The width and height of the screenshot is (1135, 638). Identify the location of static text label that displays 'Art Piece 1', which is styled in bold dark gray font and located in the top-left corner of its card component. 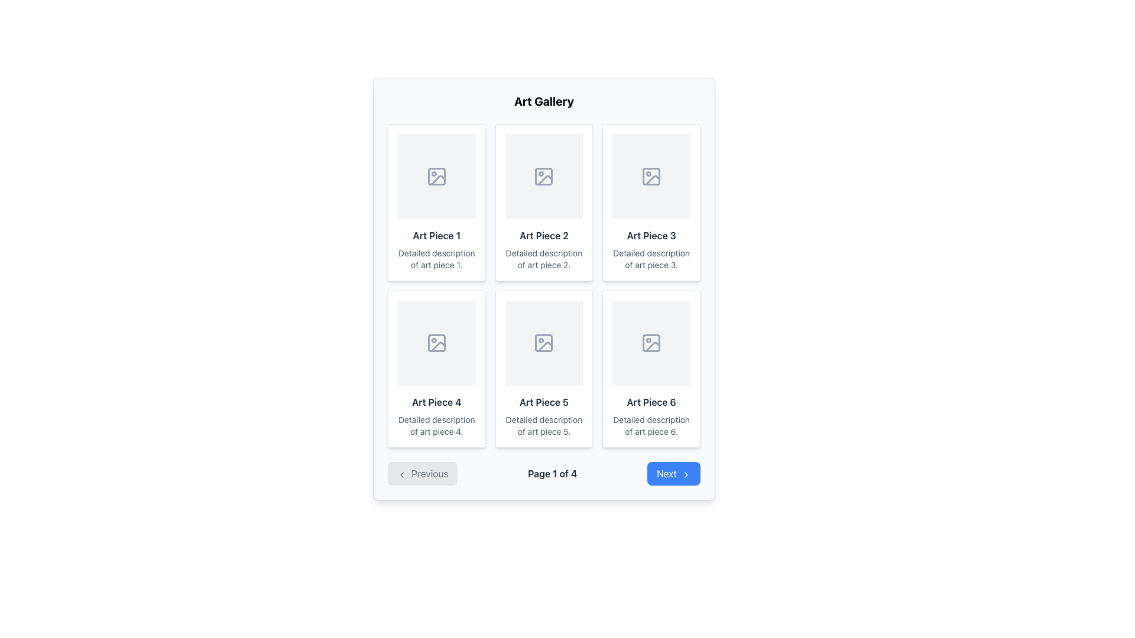
(436, 235).